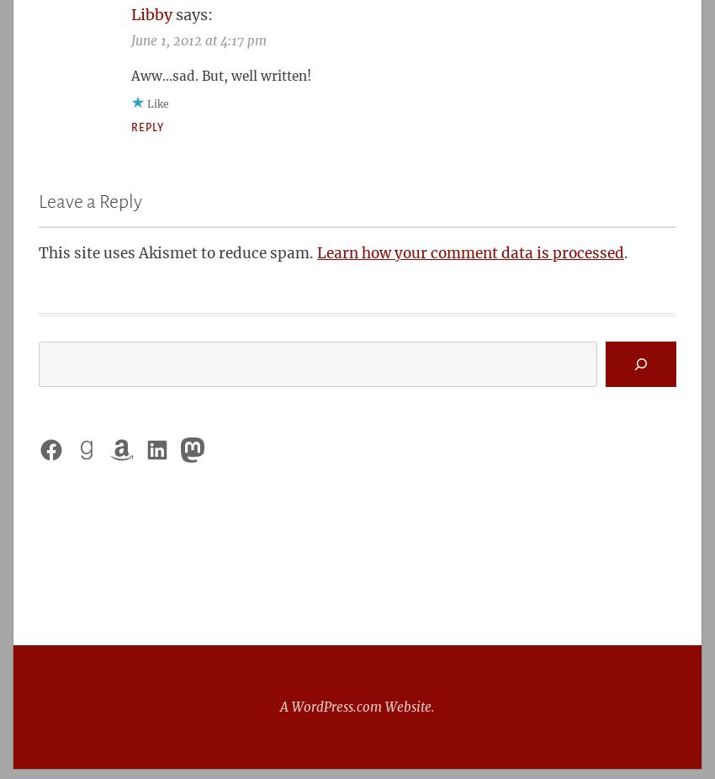  I want to click on 'Libby', so click(151, 13).